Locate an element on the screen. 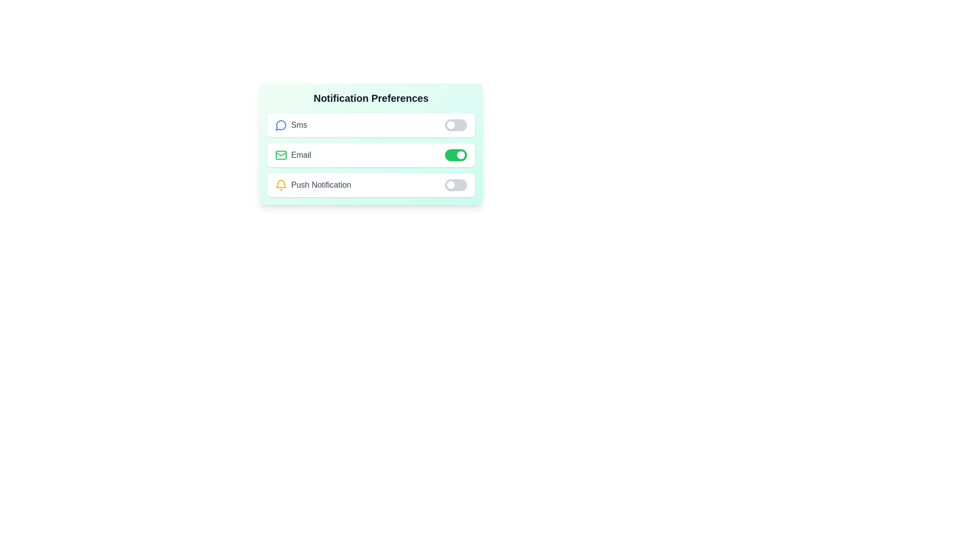 The width and height of the screenshot is (959, 539). the 'Email' notification icon, which is the leftmost icon in the second row of the 'Notification Preferences' panel, aligned with the 'Sms' and 'Push Notification' options is located at coordinates (280, 155).